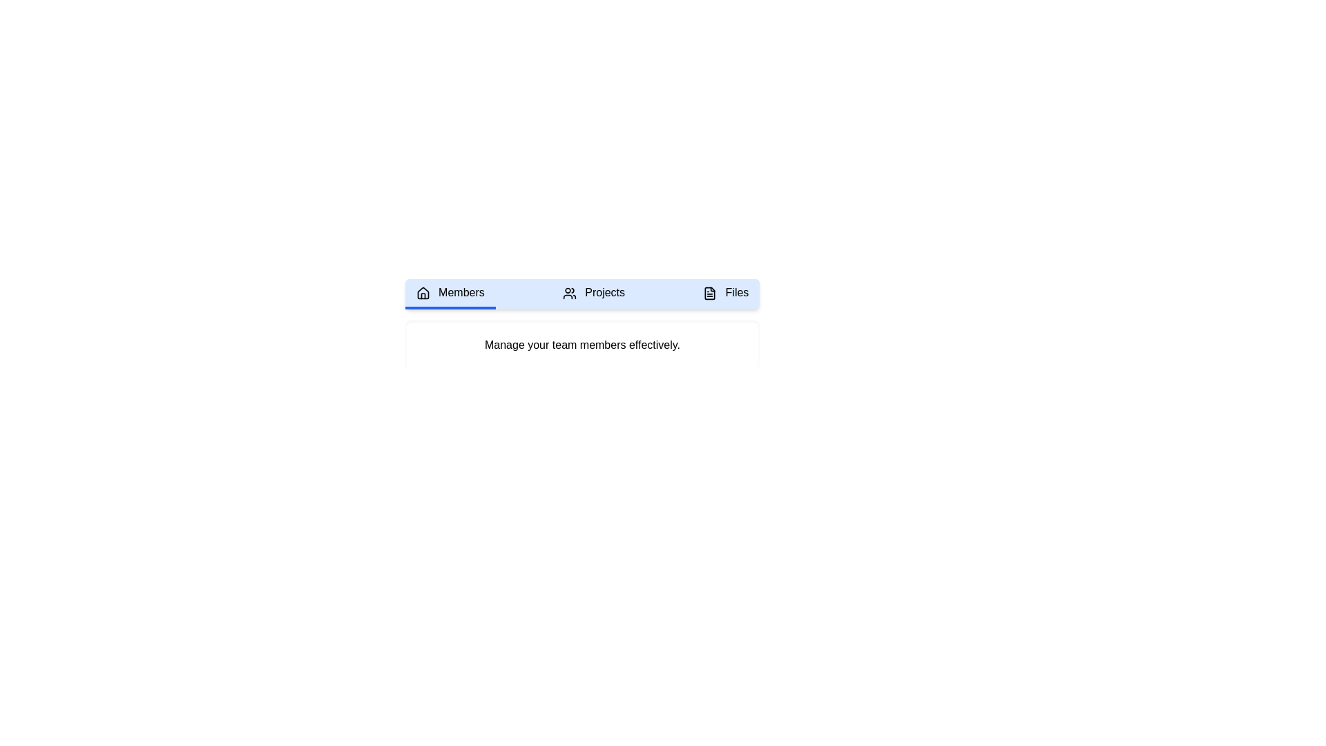 The image size is (1326, 746). I want to click on the text display box located below the navigation bar containing the 'Members', 'Projects', and 'Files' tabs, so click(582, 325).